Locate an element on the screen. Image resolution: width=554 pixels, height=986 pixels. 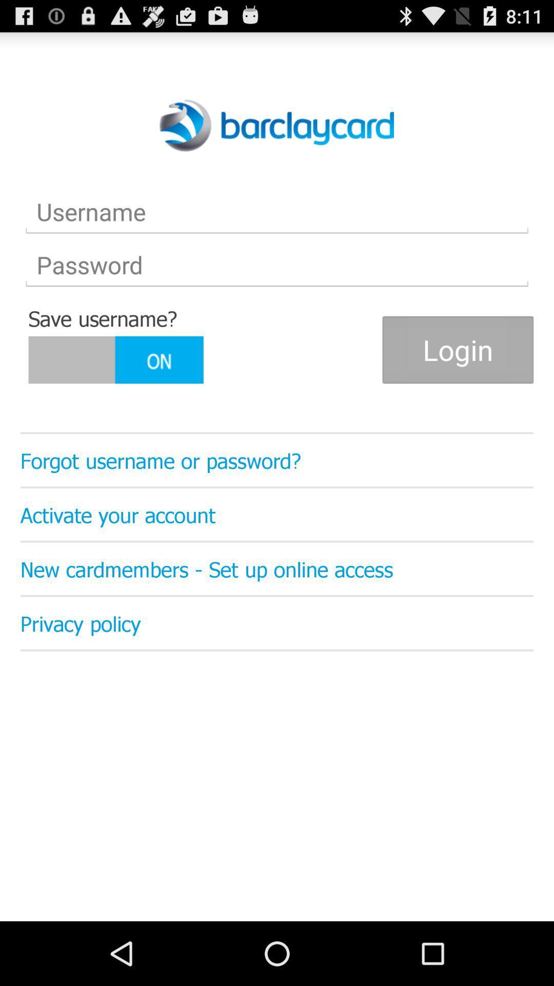
activate your account is located at coordinates (277, 515).